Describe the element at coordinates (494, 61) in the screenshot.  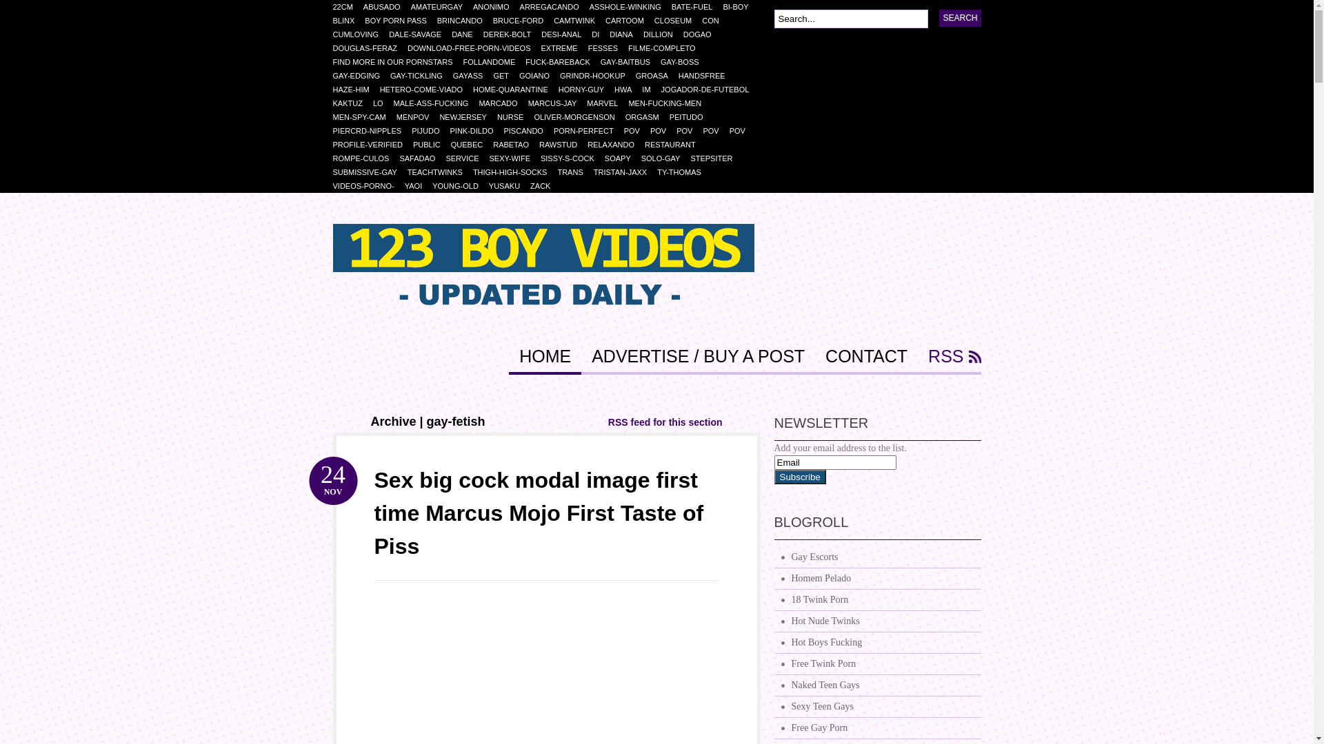
I see `'FOLLANDOME'` at that location.